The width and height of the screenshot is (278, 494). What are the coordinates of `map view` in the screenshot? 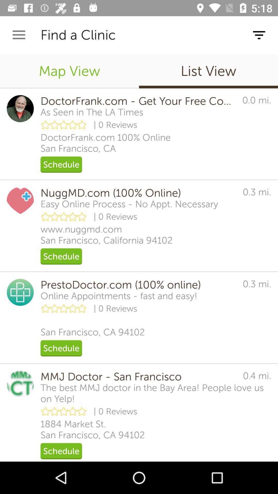 It's located at (69, 71).